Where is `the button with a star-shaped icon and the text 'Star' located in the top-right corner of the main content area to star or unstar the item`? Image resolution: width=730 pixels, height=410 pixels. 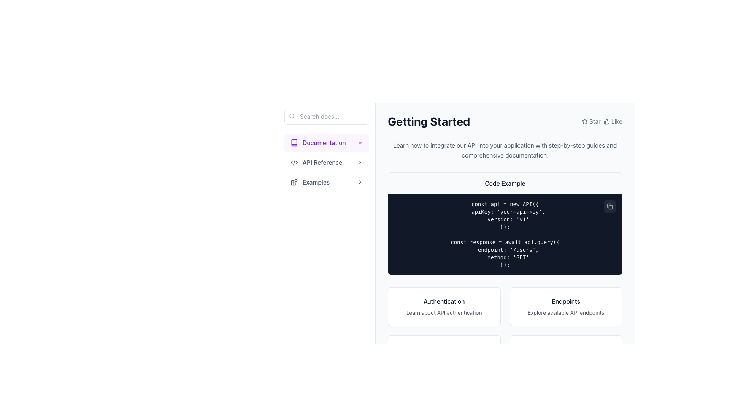
the button with a star-shaped icon and the text 'Star' located in the top-right corner of the main content area to star or unstar the item is located at coordinates (591, 121).